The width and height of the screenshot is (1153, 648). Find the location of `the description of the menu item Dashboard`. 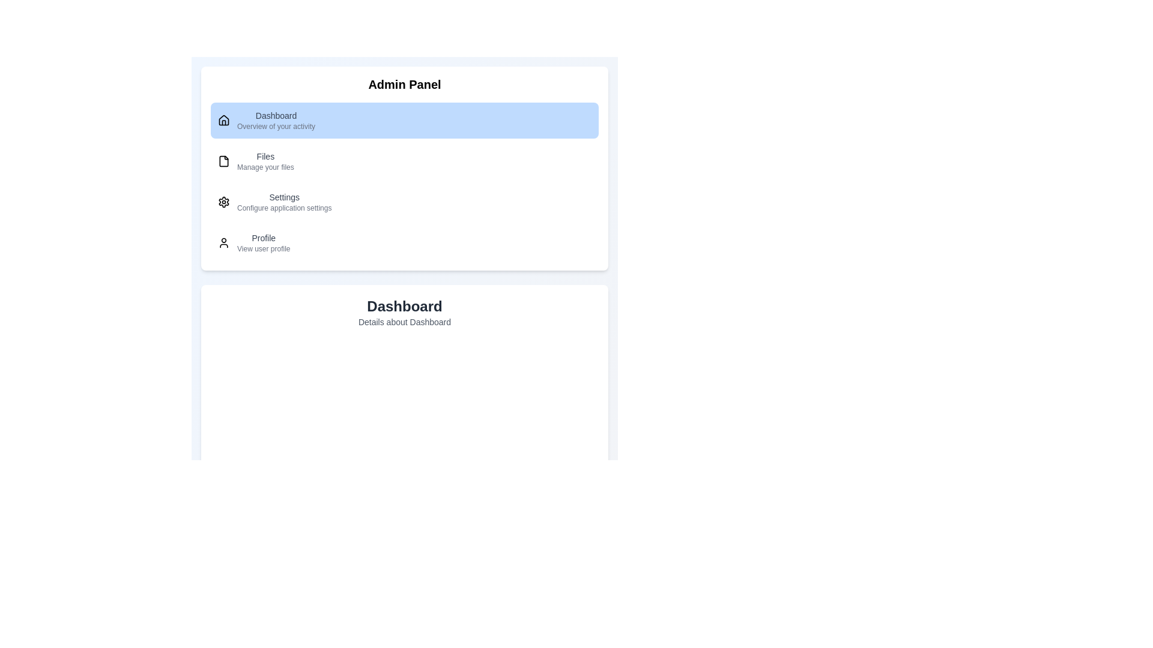

the description of the menu item Dashboard is located at coordinates (276, 120).